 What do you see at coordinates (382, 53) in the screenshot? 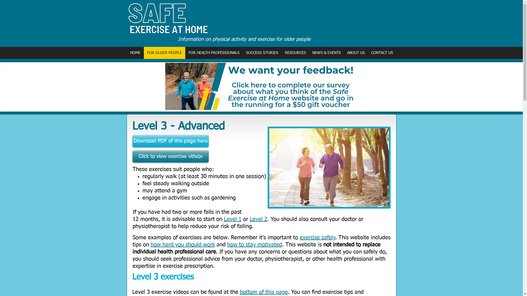
I see `'CONTACT US'` at bounding box center [382, 53].